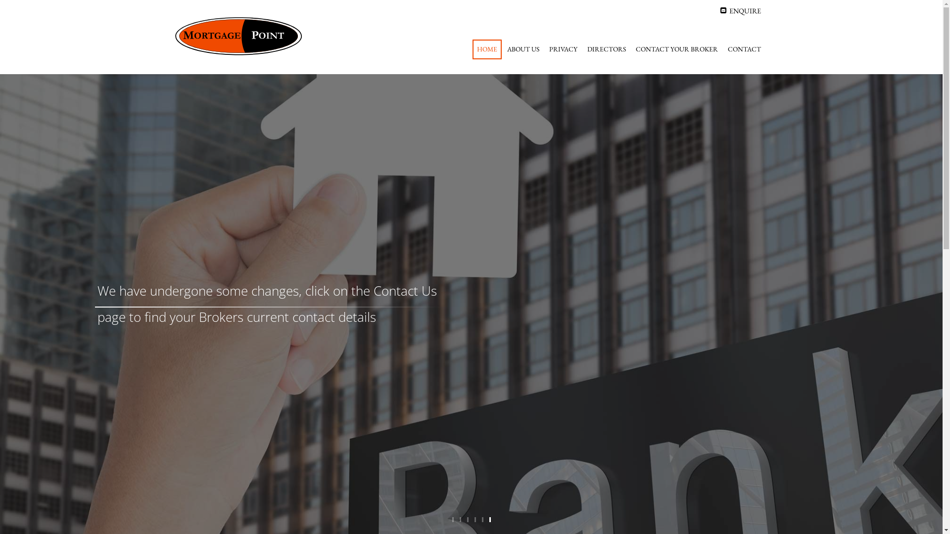  What do you see at coordinates (676, 49) in the screenshot?
I see `'CONTACT YOUR BROKER'` at bounding box center [676, 49].